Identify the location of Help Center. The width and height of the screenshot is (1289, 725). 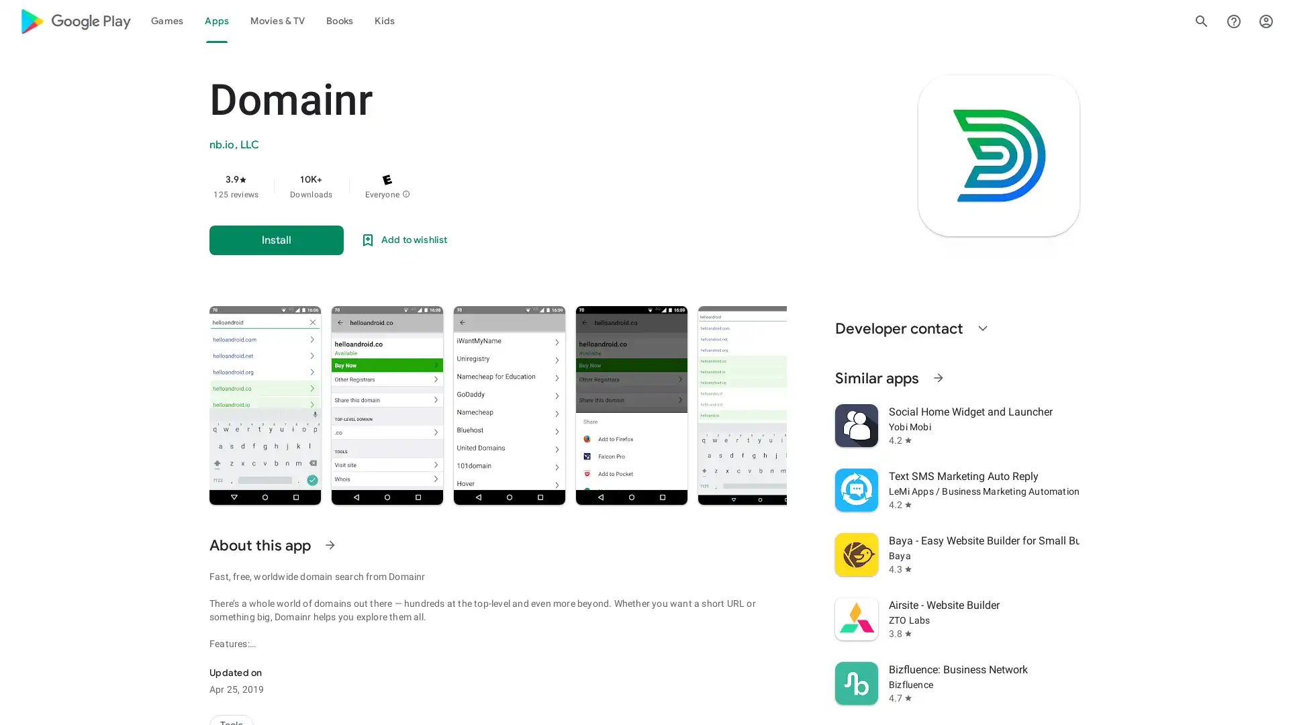
(1234, 21).